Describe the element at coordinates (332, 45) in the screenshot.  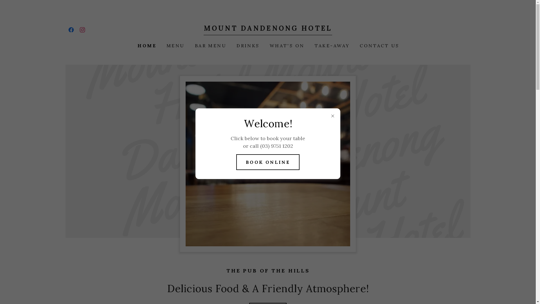
I see `'TAKE-AWAY'` at that location.